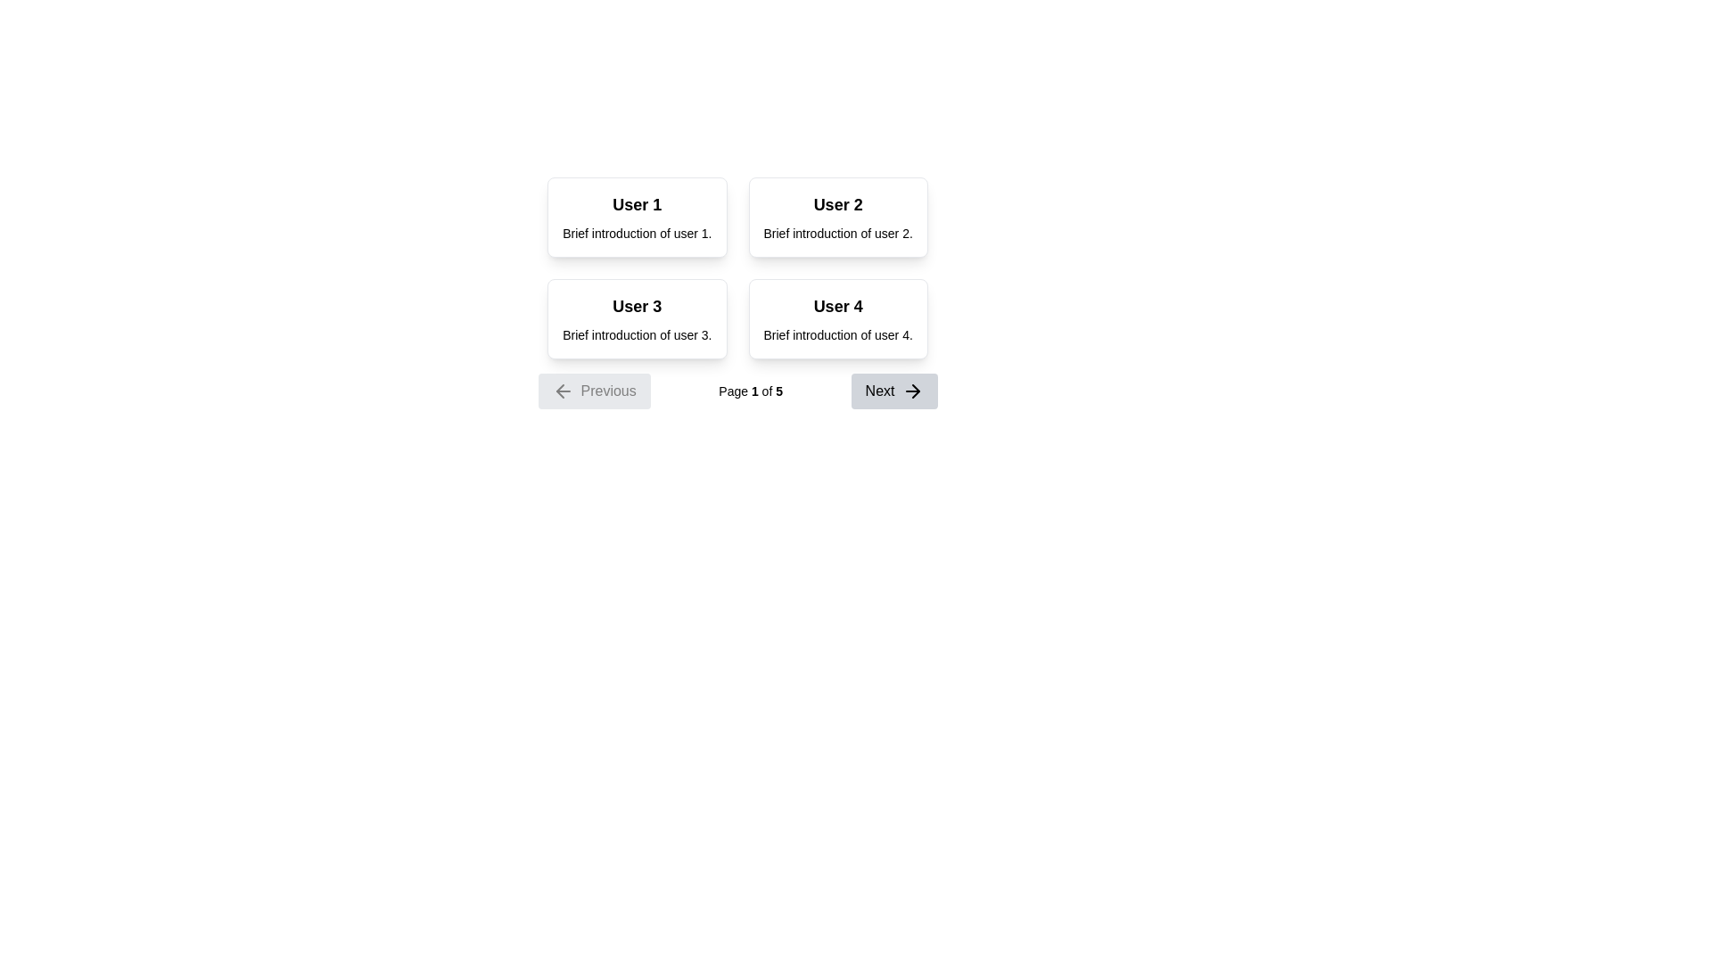  I want to click on the static text indicating the current page number in the pagination system, located between 'Previous' and 'Next' buttons at the center bottom of the interface, so click(754, 391).